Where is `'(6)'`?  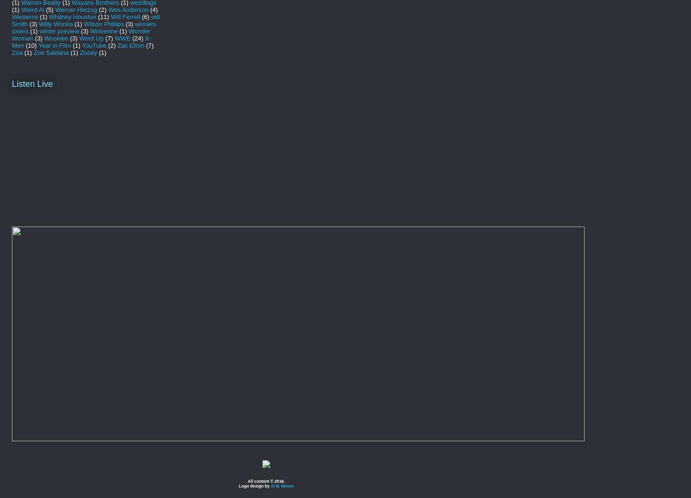 '(6)' is located at coordinates (145, 16).